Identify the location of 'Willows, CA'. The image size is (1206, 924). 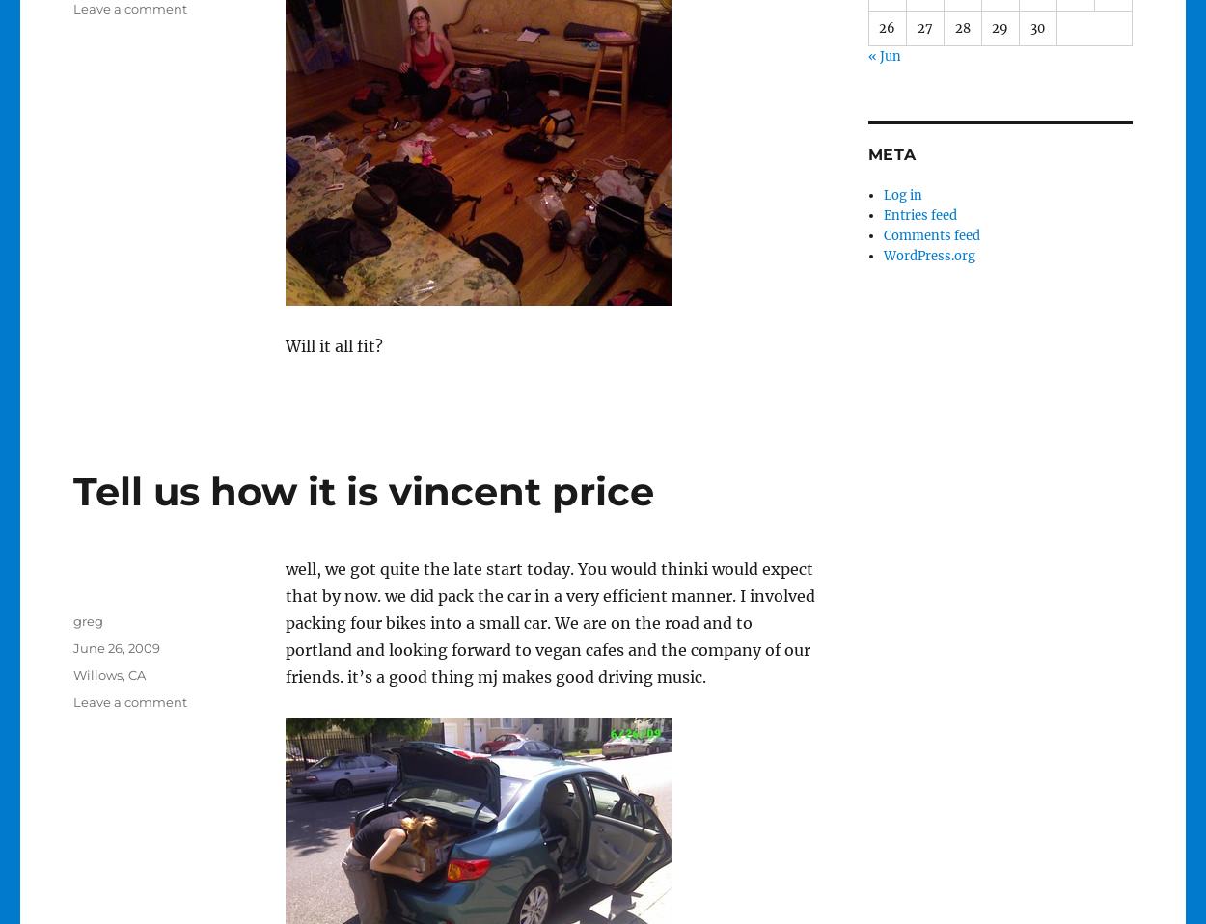
(107, 674).